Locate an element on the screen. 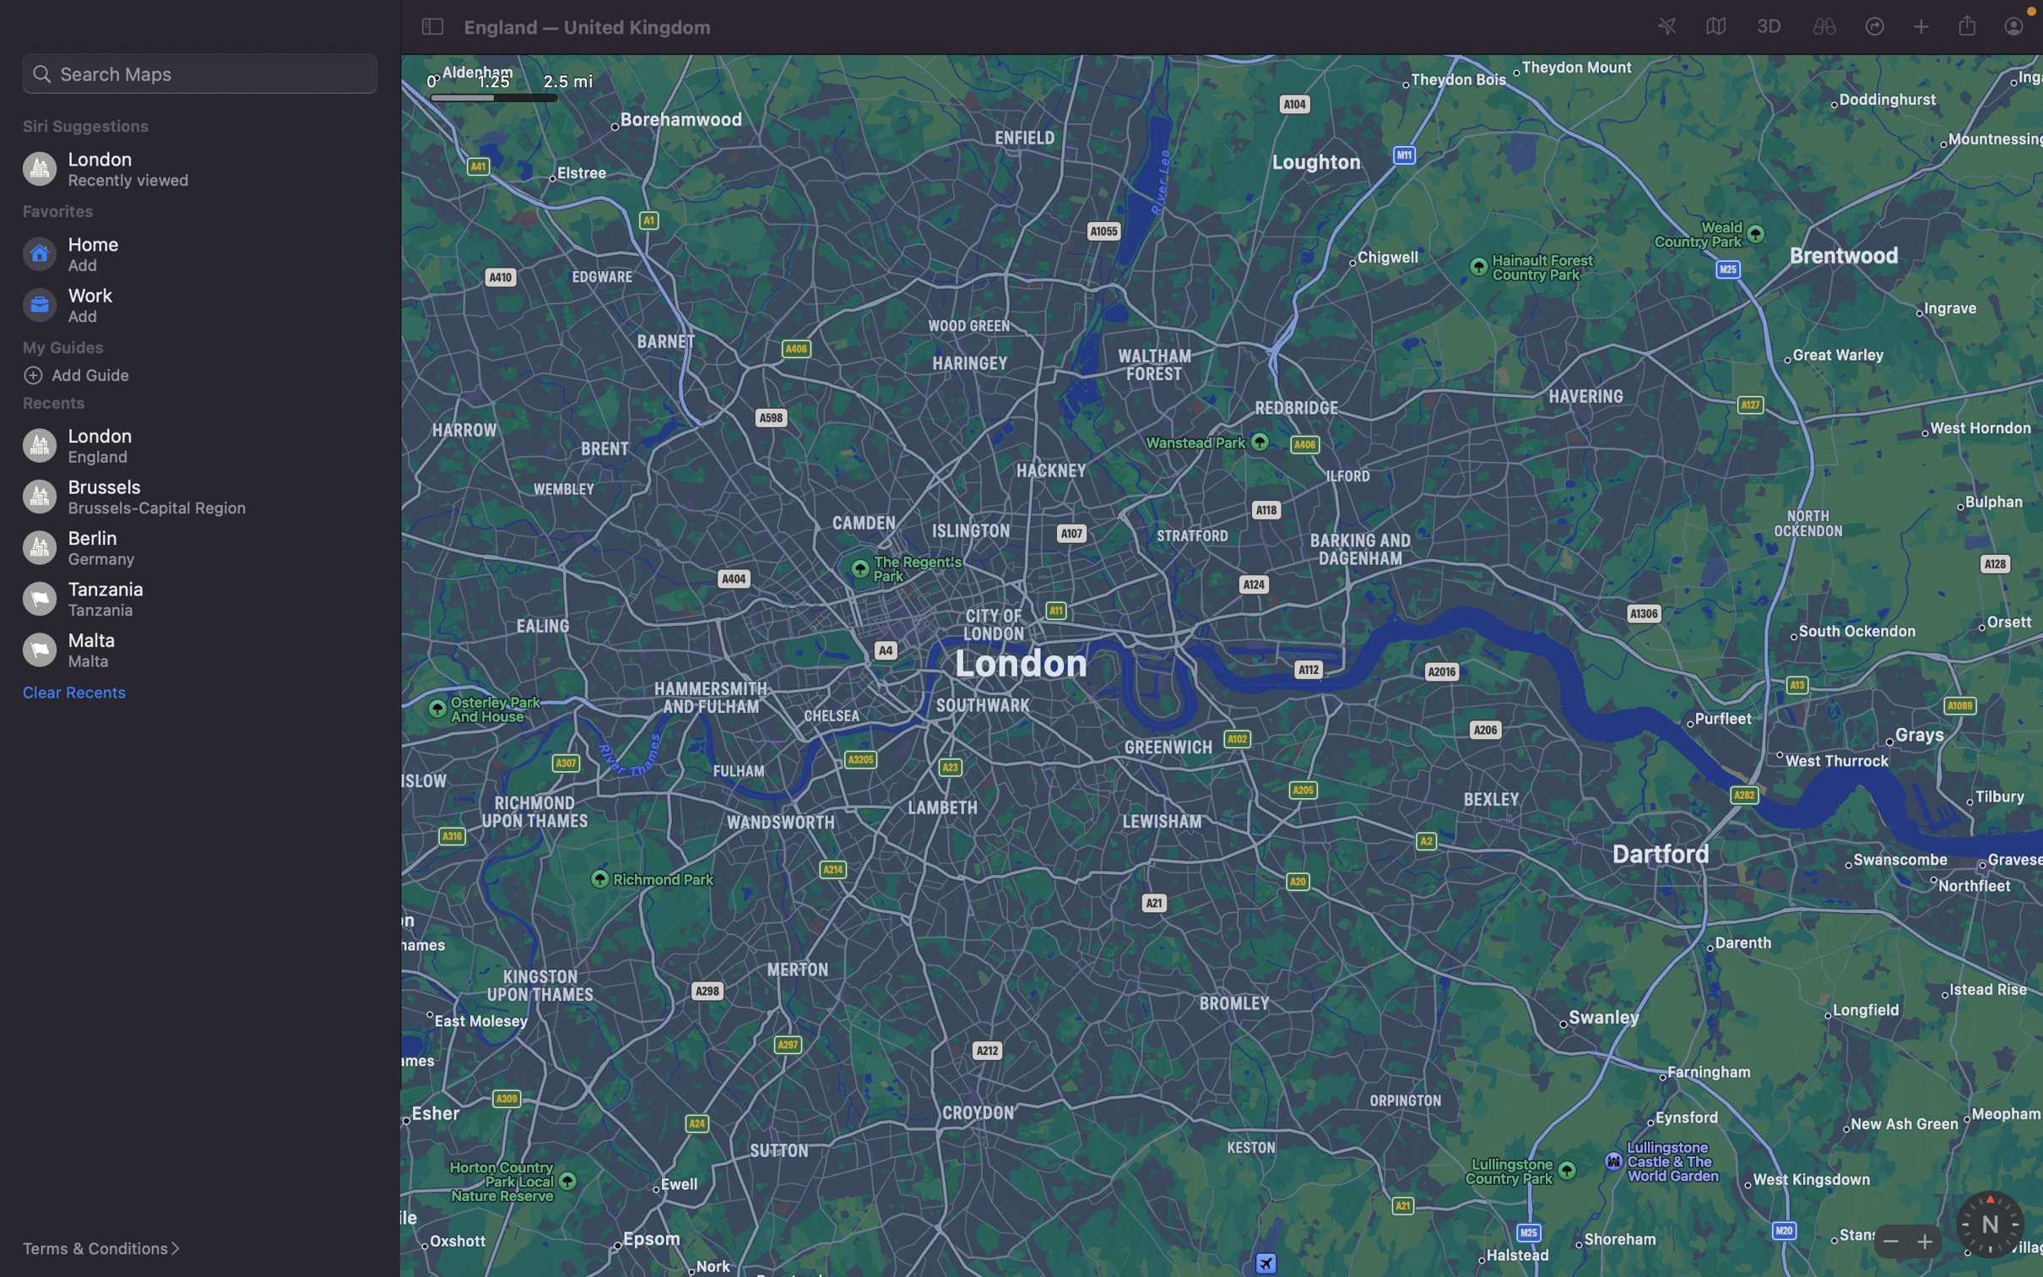 The width and height of the screenshot is (2043, 1277). Dispatch the current geographical position is located at coordinates (1970, 24).